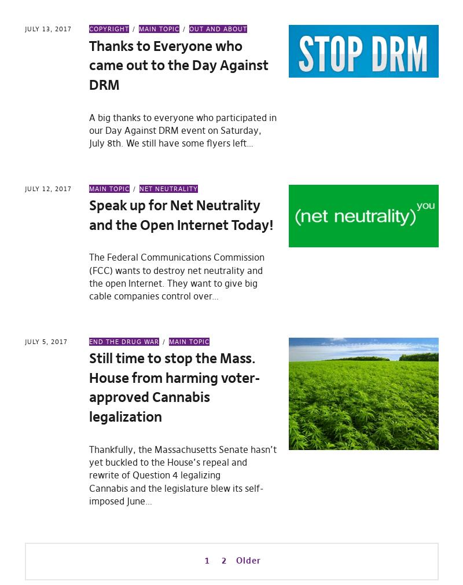  I want to click on '1', so click(204, 560).